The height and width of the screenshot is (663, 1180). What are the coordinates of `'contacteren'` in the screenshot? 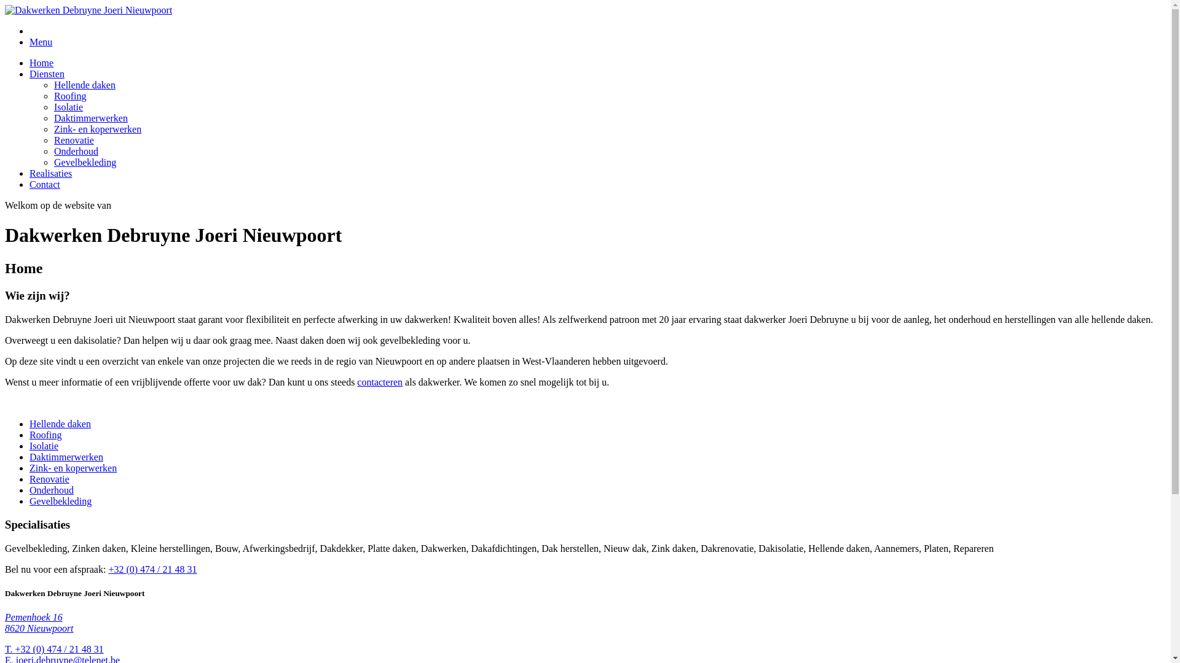 It's located at (379, 381).